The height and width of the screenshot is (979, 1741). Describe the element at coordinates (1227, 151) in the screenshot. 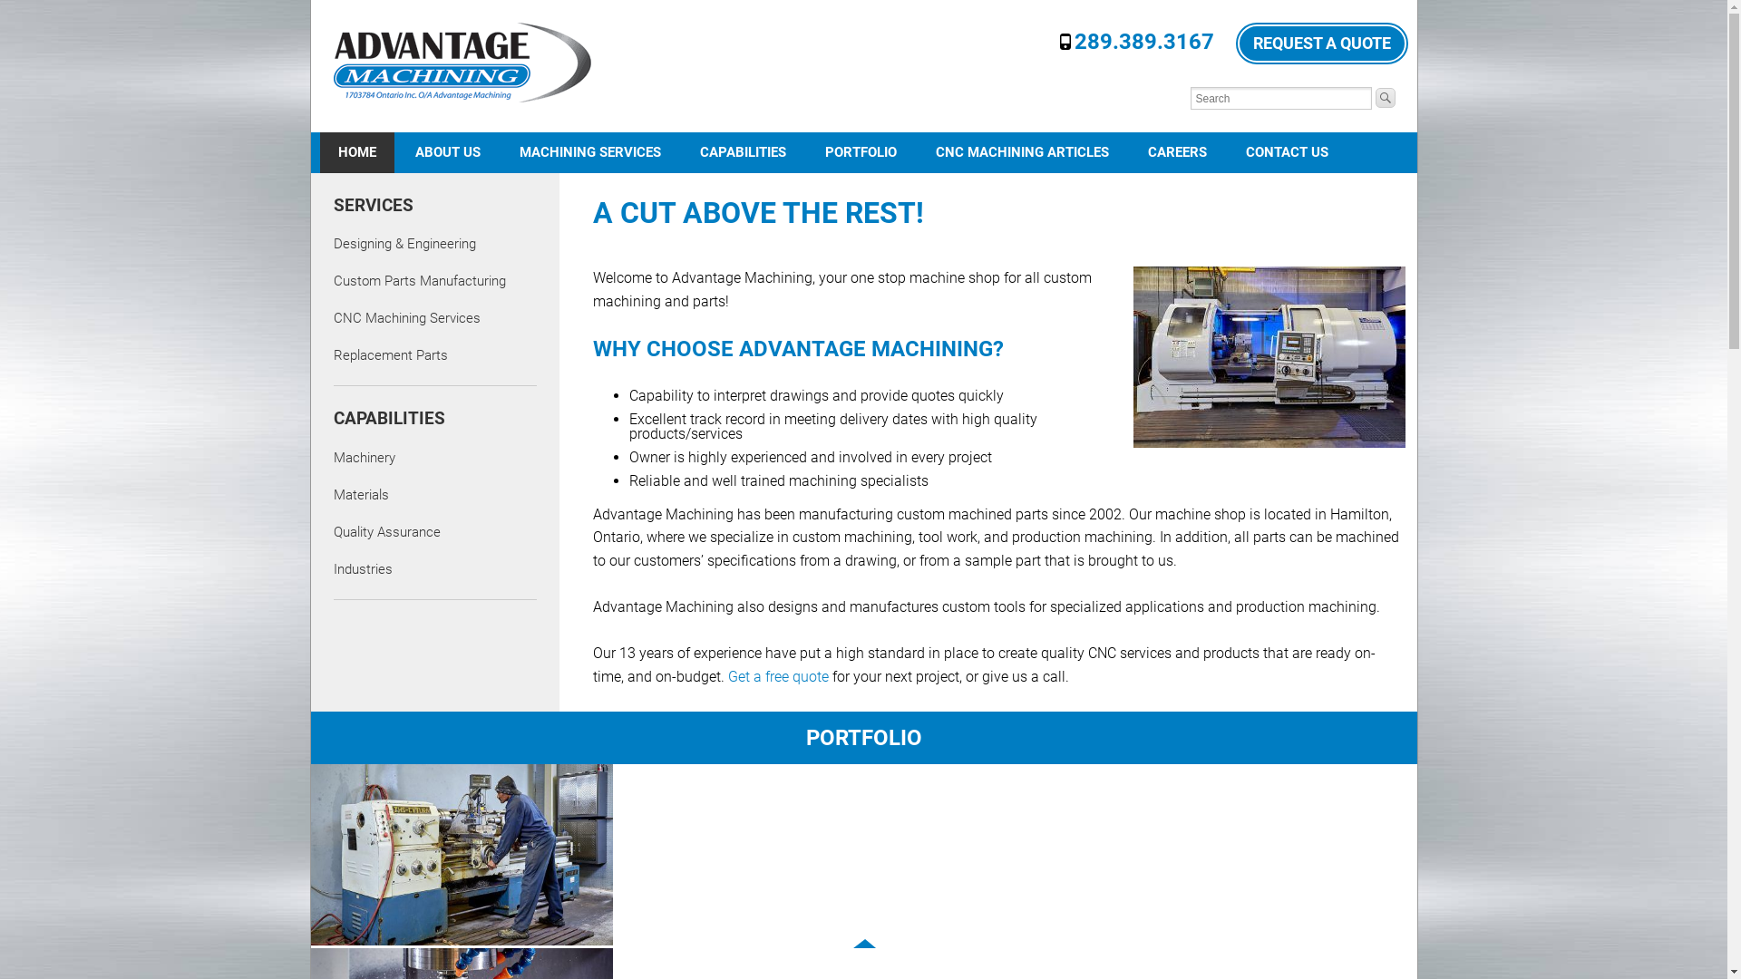

I see `'CONTACT US'` at that location.